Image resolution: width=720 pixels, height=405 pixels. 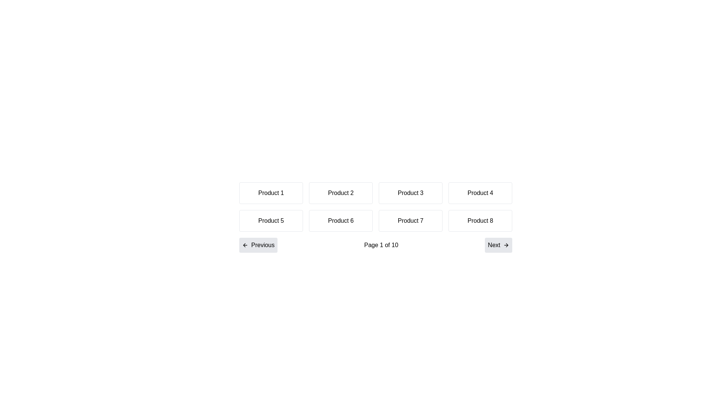 I want to click on the 'Previous' button located in the bottom-left region of the interface, so click(x=245, y=245).